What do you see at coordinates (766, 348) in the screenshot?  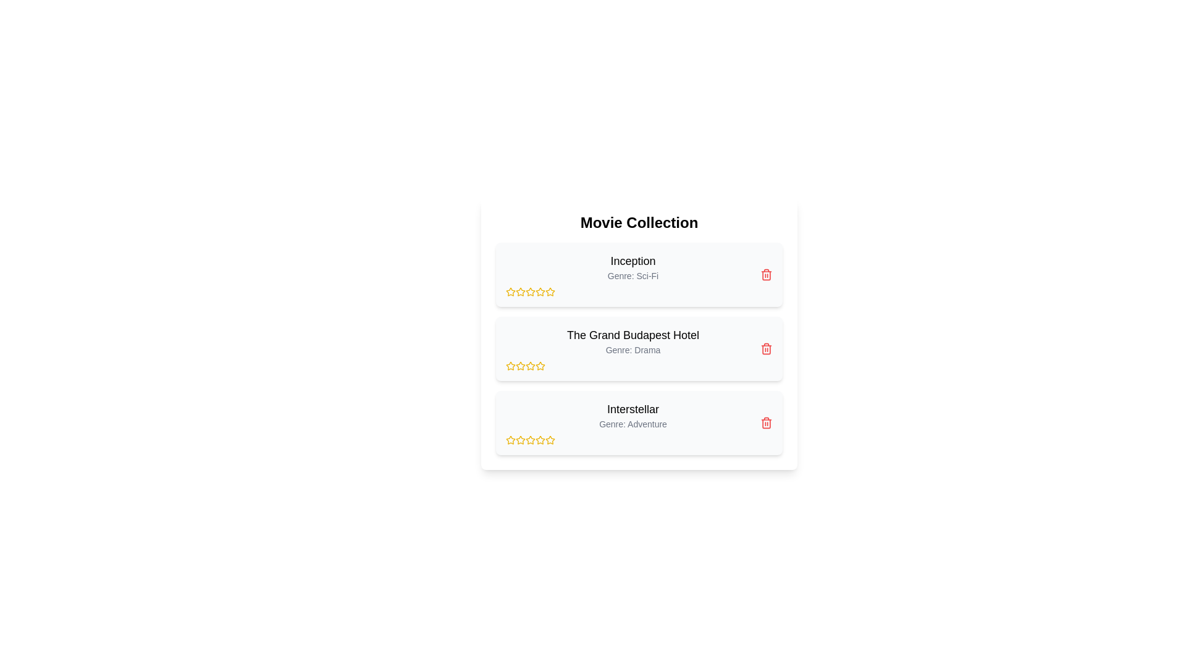 I see `delete icon for the movie titled The Grand Budapest Hotel` at bounding box center [766, 348].